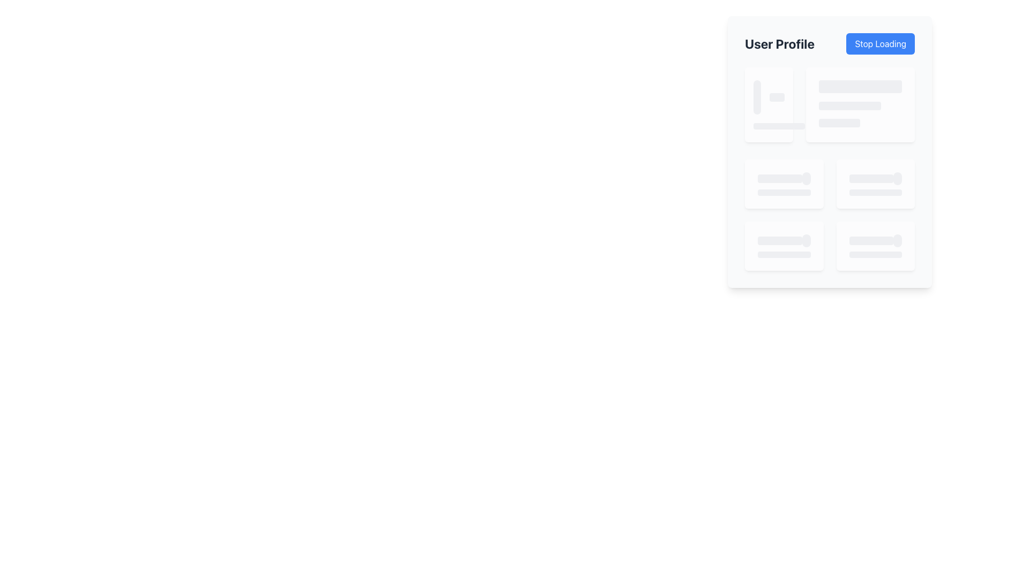  What do you see at coordinates (809, 241) in the screenshot?
I see `the slider value` at bounding box center [809, 241].